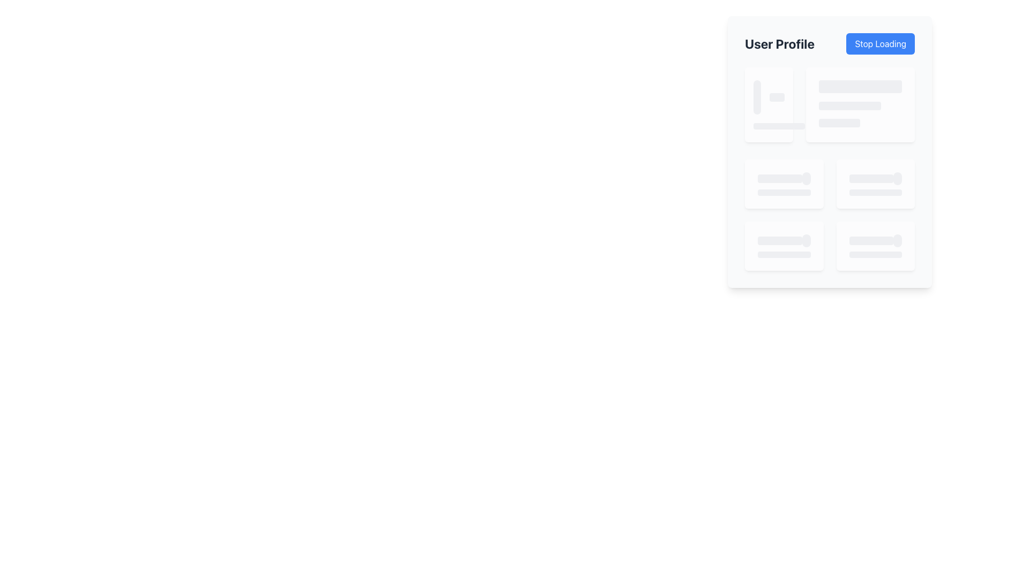  What do you see at coordinates (809, 241) in the screenshot?
I see `the slider value` at bounding box center [809, 241].